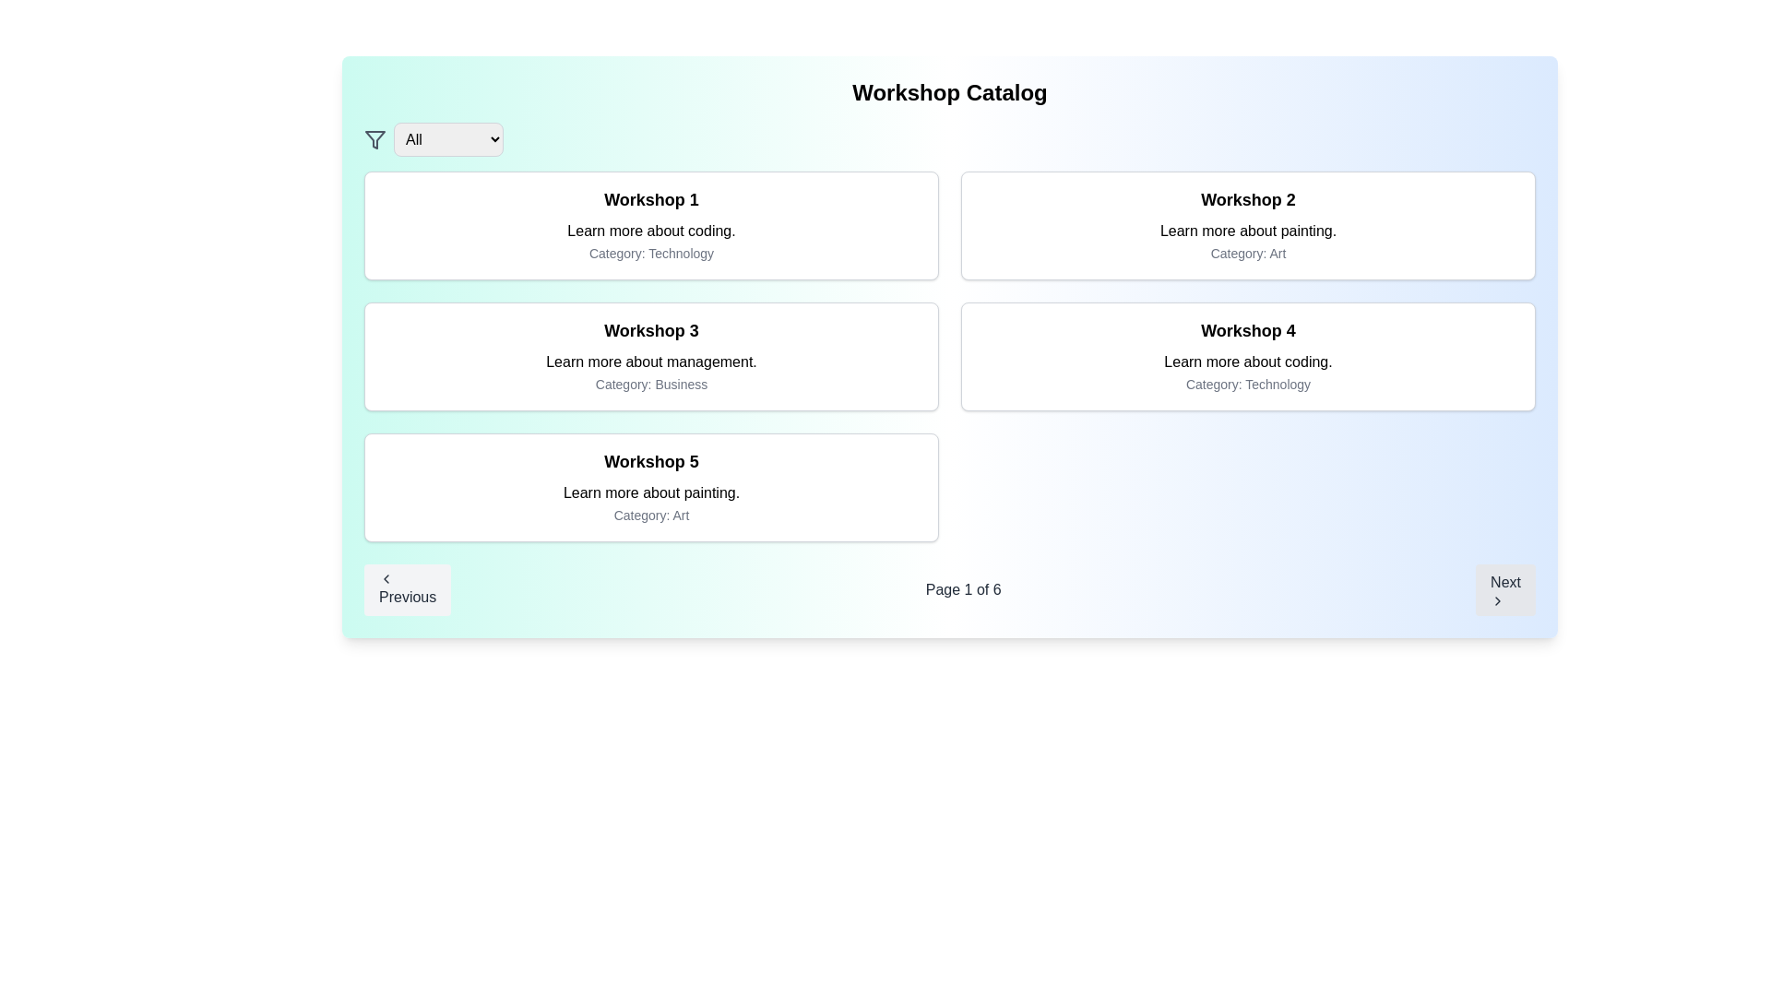 This screenshot has width=1771, height=996. I want to click on the Information card titled 'Workshop 5' located at the bottom-left corner of the workshop cards grid, so click(651, 486).